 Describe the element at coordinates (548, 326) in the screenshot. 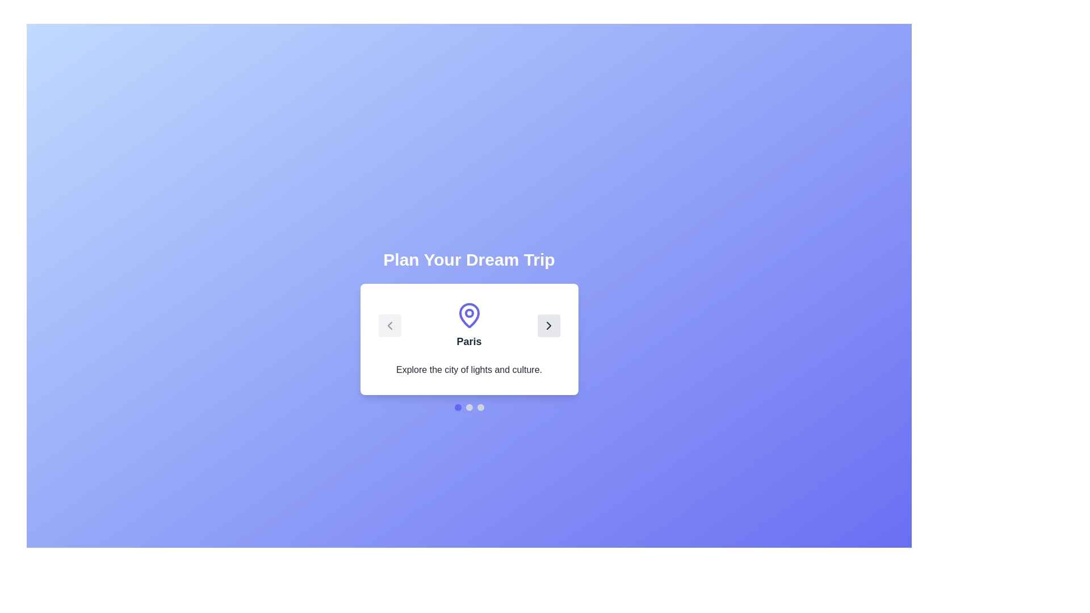

I see `the next button to navigate to the next destination` at that location.